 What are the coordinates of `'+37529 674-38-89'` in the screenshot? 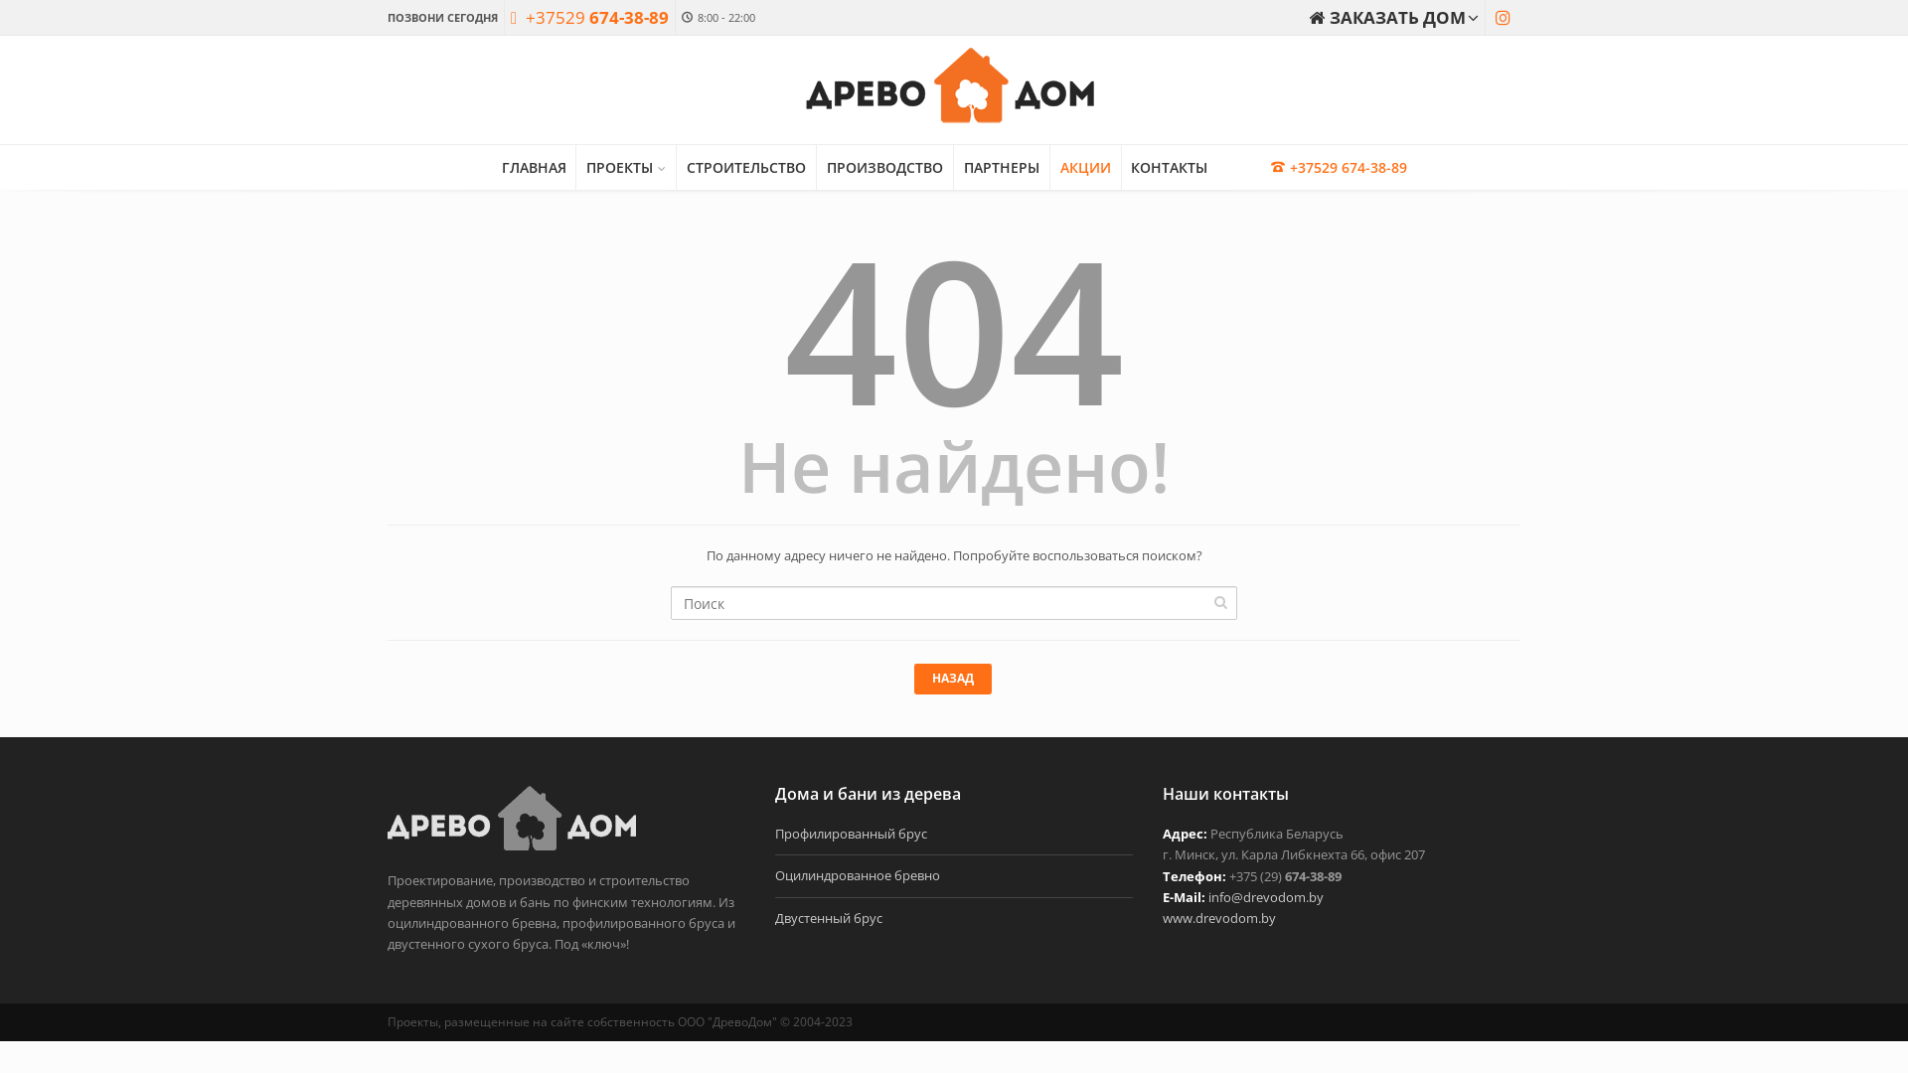 It's located at (588, 17).